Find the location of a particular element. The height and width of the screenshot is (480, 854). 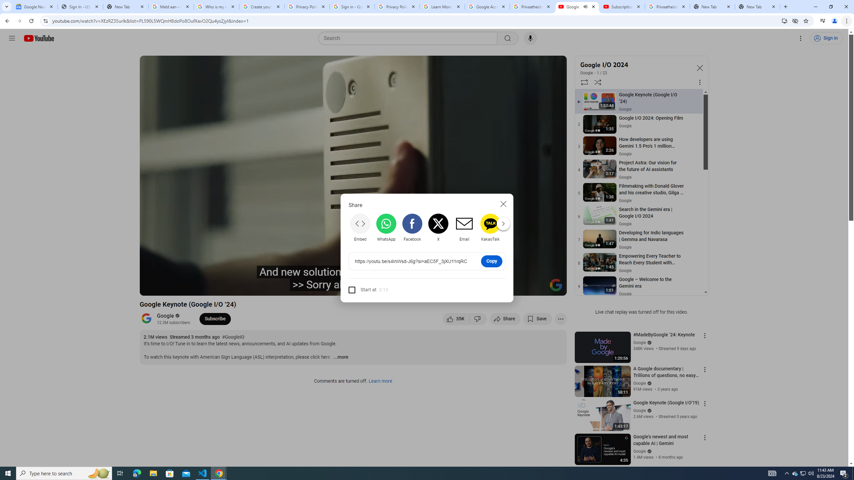

'Play (k)' is located at coordinates (167, 287).